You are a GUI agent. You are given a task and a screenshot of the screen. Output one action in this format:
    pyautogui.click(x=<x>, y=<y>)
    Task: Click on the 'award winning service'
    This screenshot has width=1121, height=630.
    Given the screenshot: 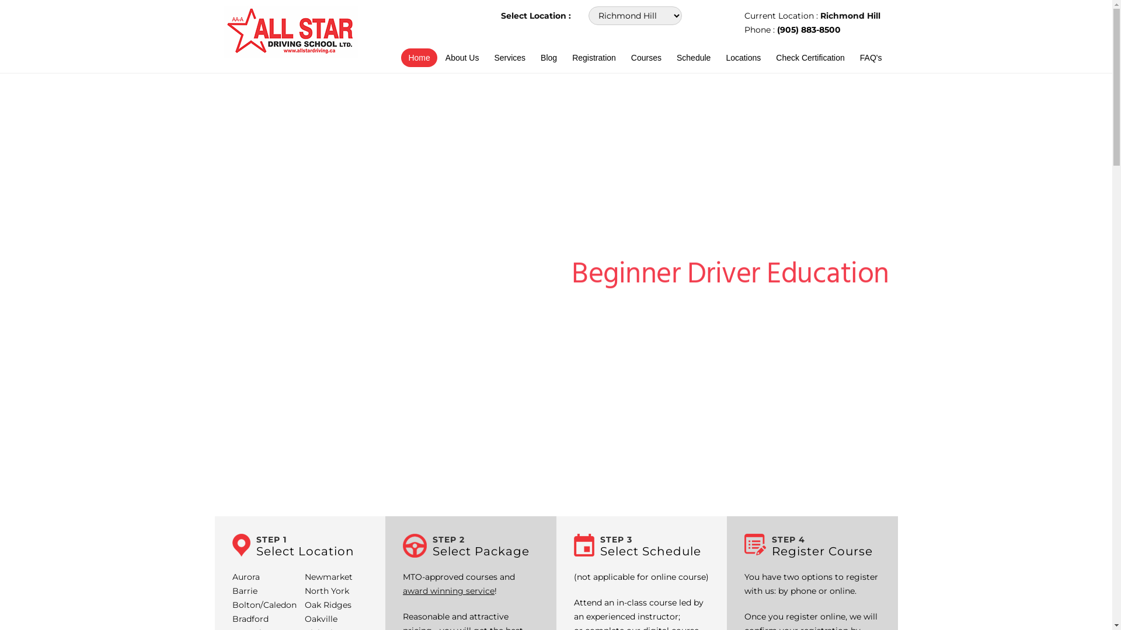 What is the action you would take?
    pyautogui.click(x=448, y=591)
    